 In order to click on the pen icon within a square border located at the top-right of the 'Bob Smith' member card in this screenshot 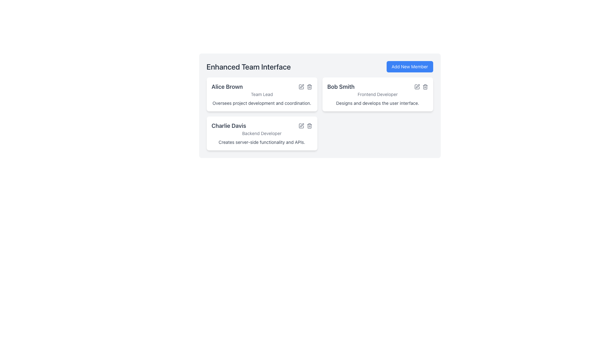, I will do `click(417, 86)`.